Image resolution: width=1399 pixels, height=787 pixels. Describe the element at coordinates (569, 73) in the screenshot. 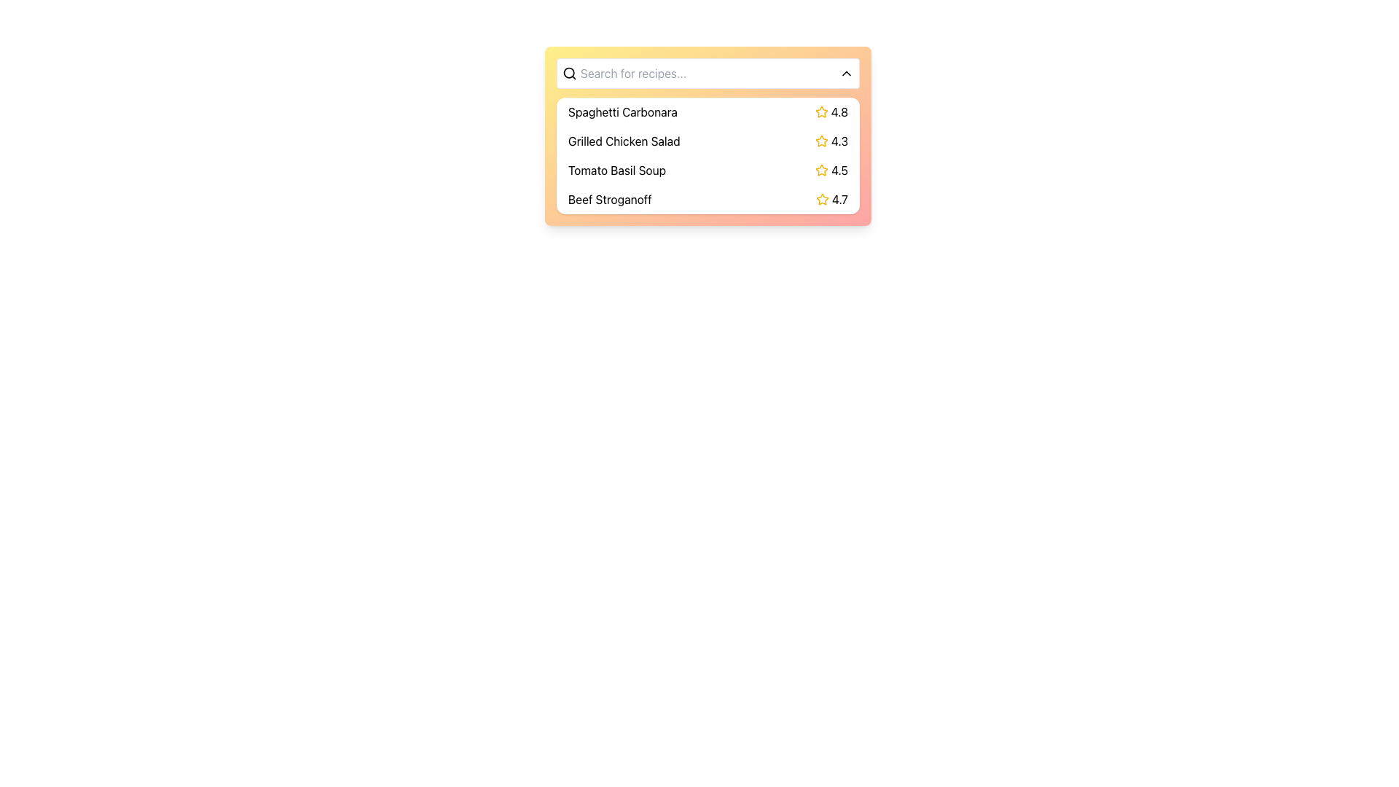

I see `the decorative search icon located on the left side of the search bar, which serves as a visual indicator for the search functionality` at that location.